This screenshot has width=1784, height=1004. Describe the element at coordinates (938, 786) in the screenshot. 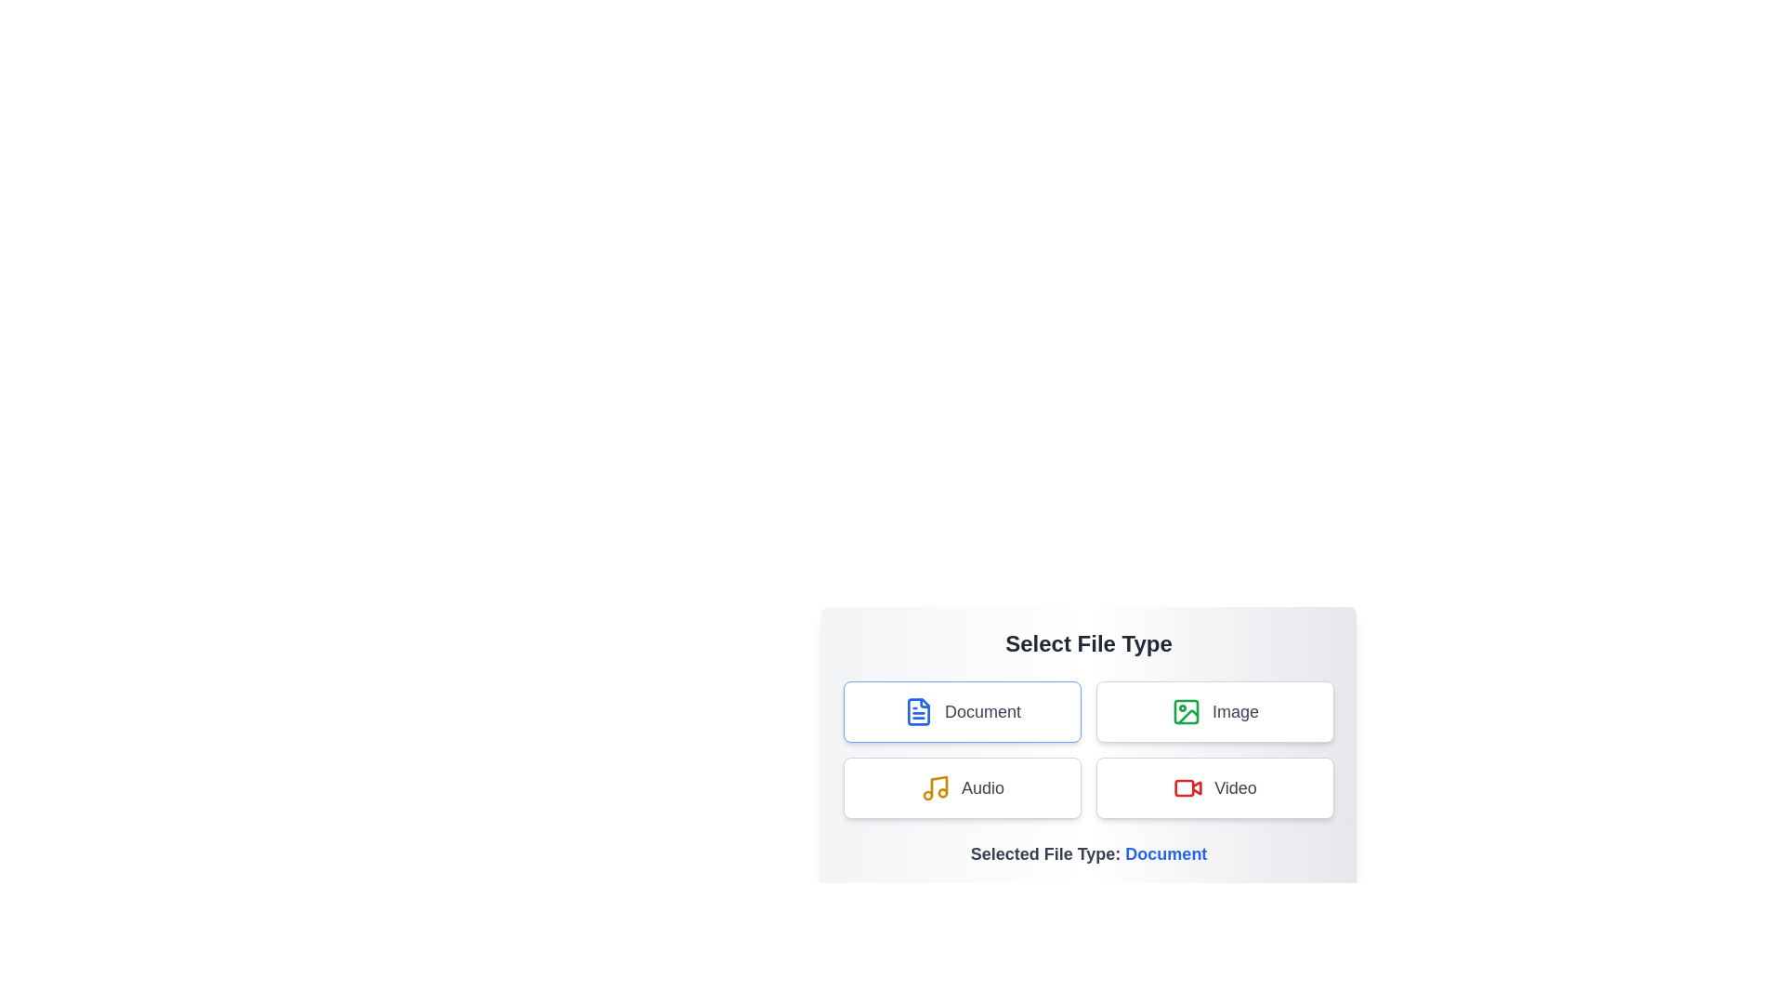

I see `the vertical line element representing the music note's stem` at that location.